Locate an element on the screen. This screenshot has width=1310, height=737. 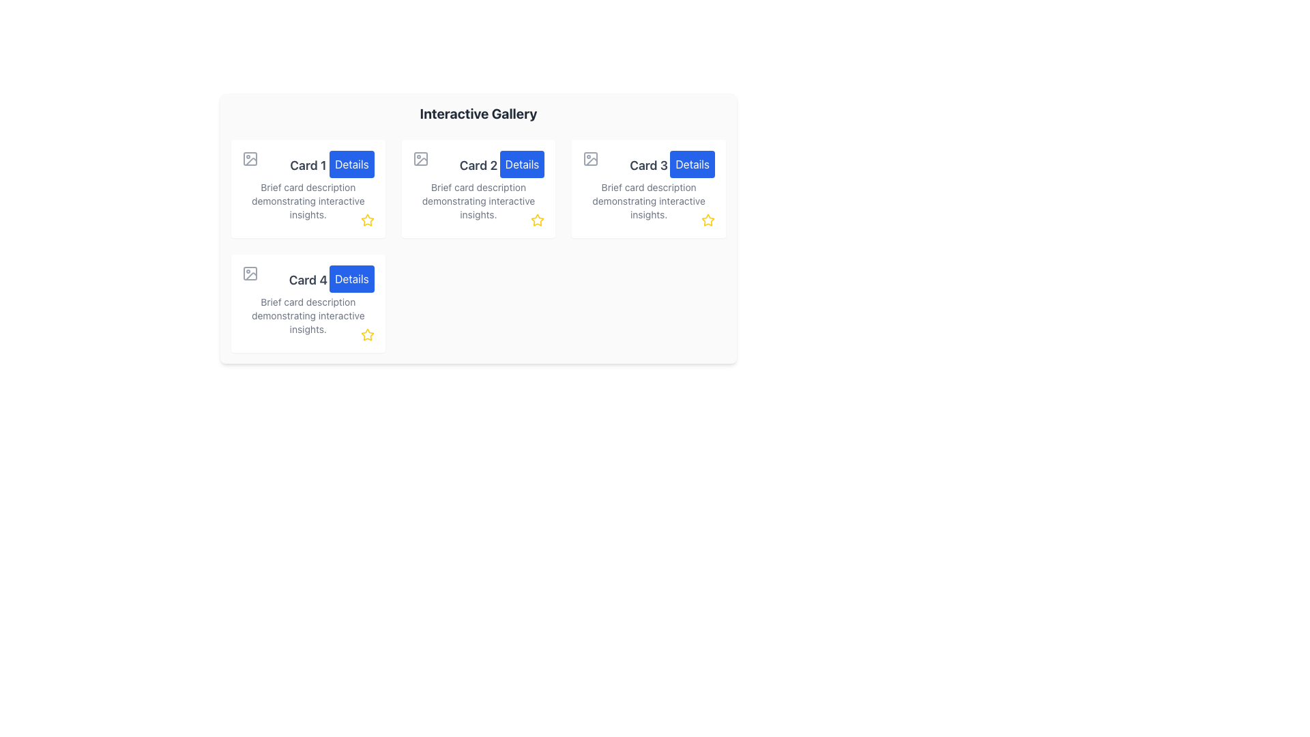
the visual representation of the icon resembling an image placeholder, located in the top-left corner of 'Card 2' in the interactive gallery is located at coordinates (420, 158).